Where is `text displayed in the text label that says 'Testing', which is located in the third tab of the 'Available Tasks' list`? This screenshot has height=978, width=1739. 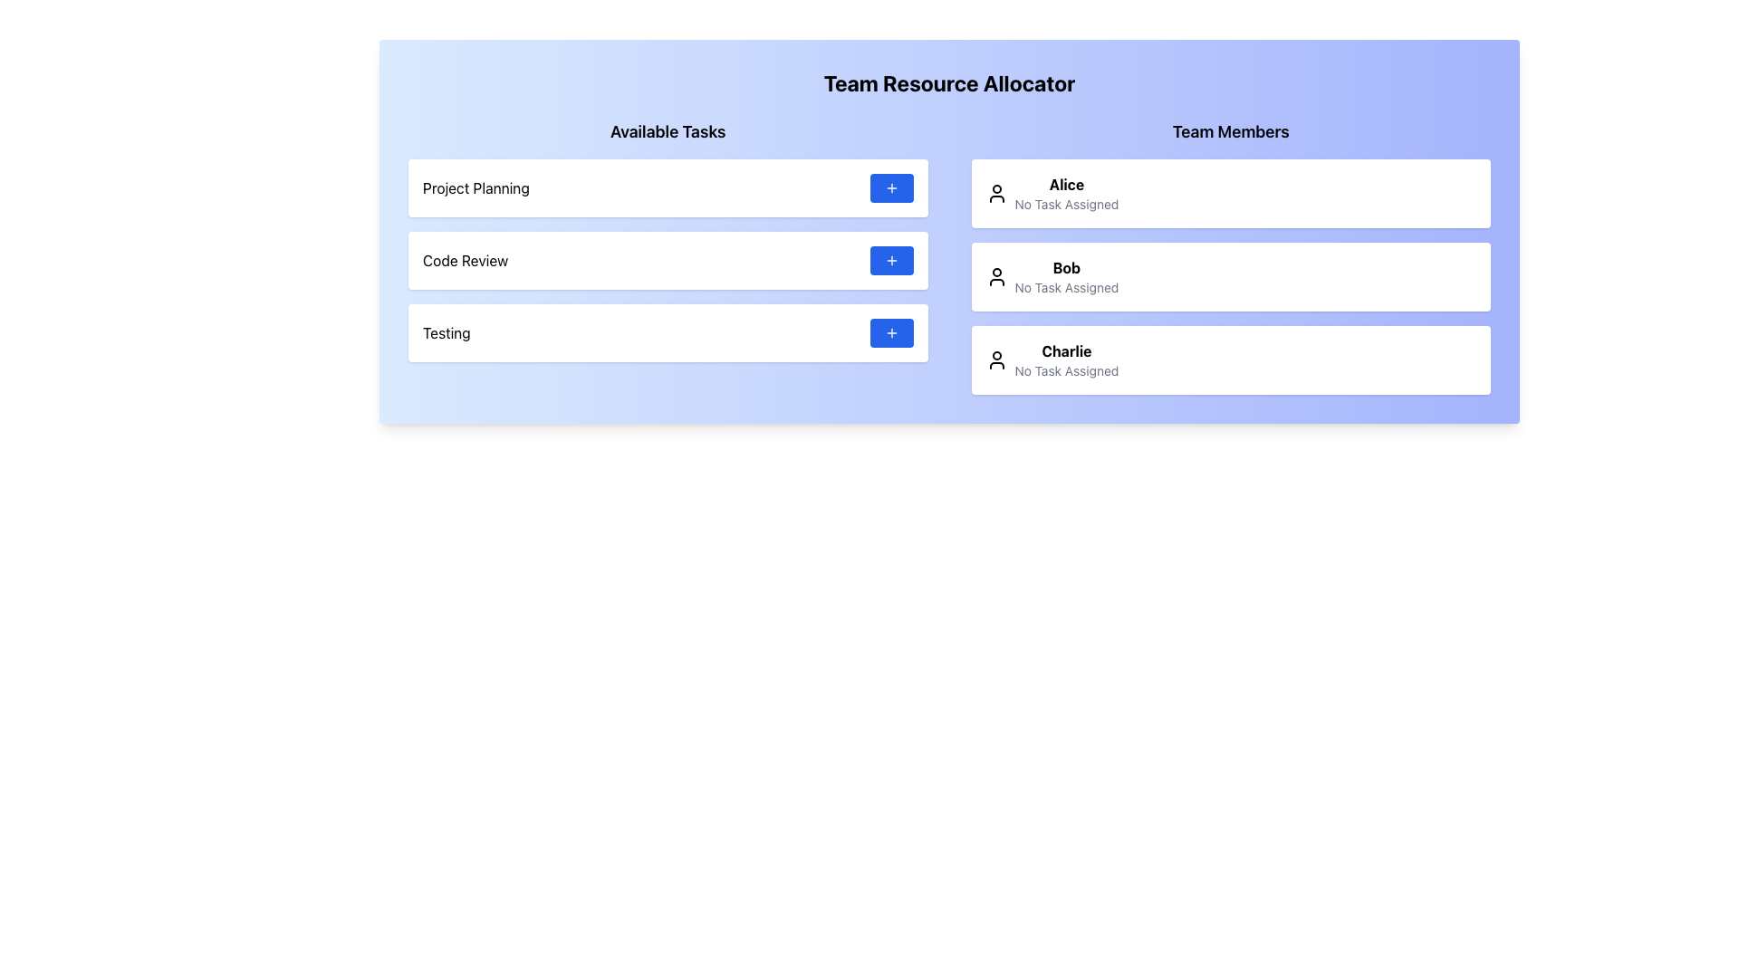
text displayed in the text label that says 'Testing', which is located in the third tab of the 'Available Tasks' list is located at coordinates (447, 332).